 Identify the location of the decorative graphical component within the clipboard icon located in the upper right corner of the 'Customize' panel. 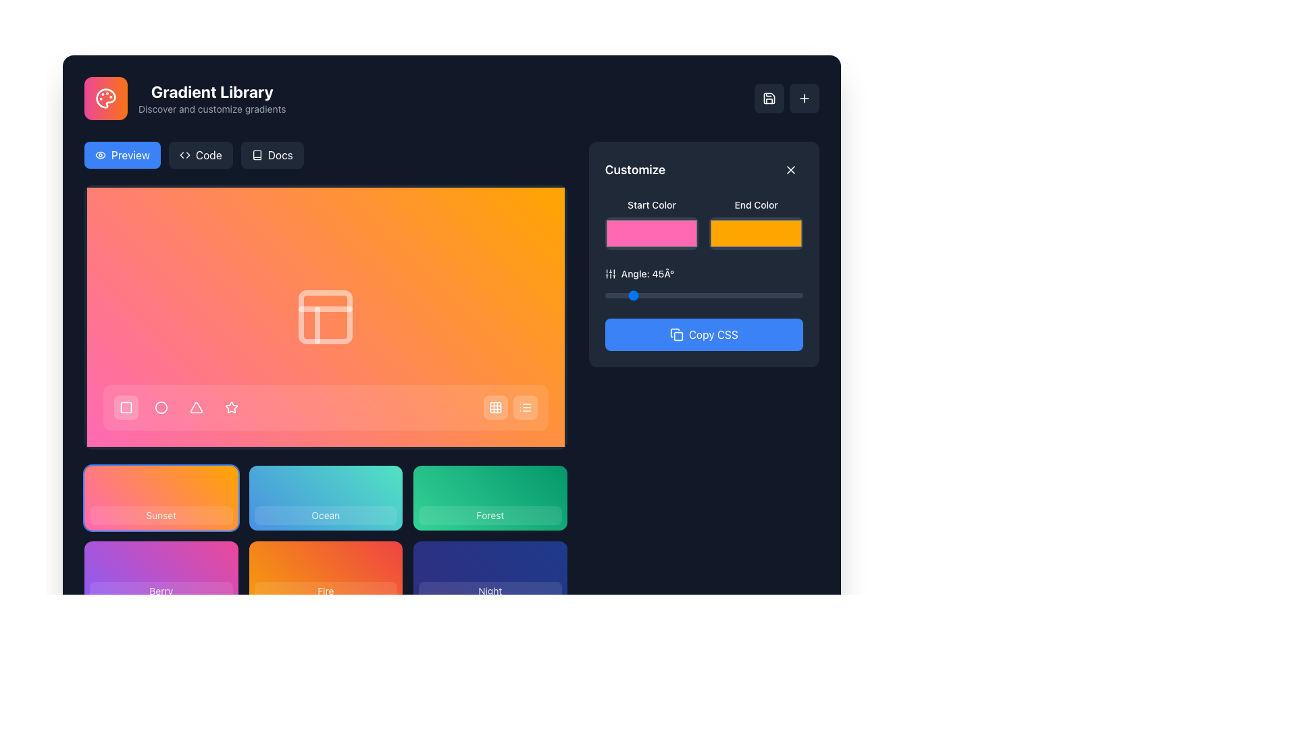
(678, 335).